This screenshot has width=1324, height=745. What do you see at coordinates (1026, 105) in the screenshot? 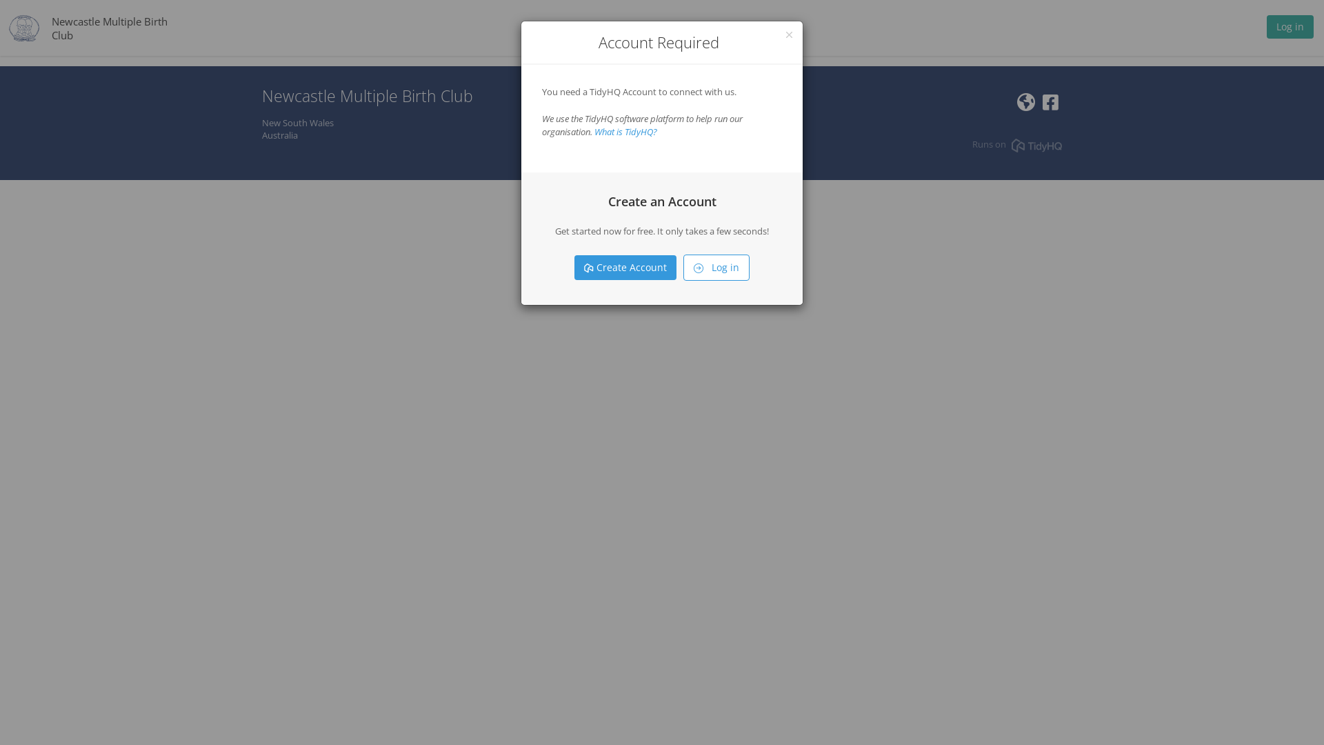
I see `'https://www.newcastlembc.org.au/'` at bounding box center [1026, 105].